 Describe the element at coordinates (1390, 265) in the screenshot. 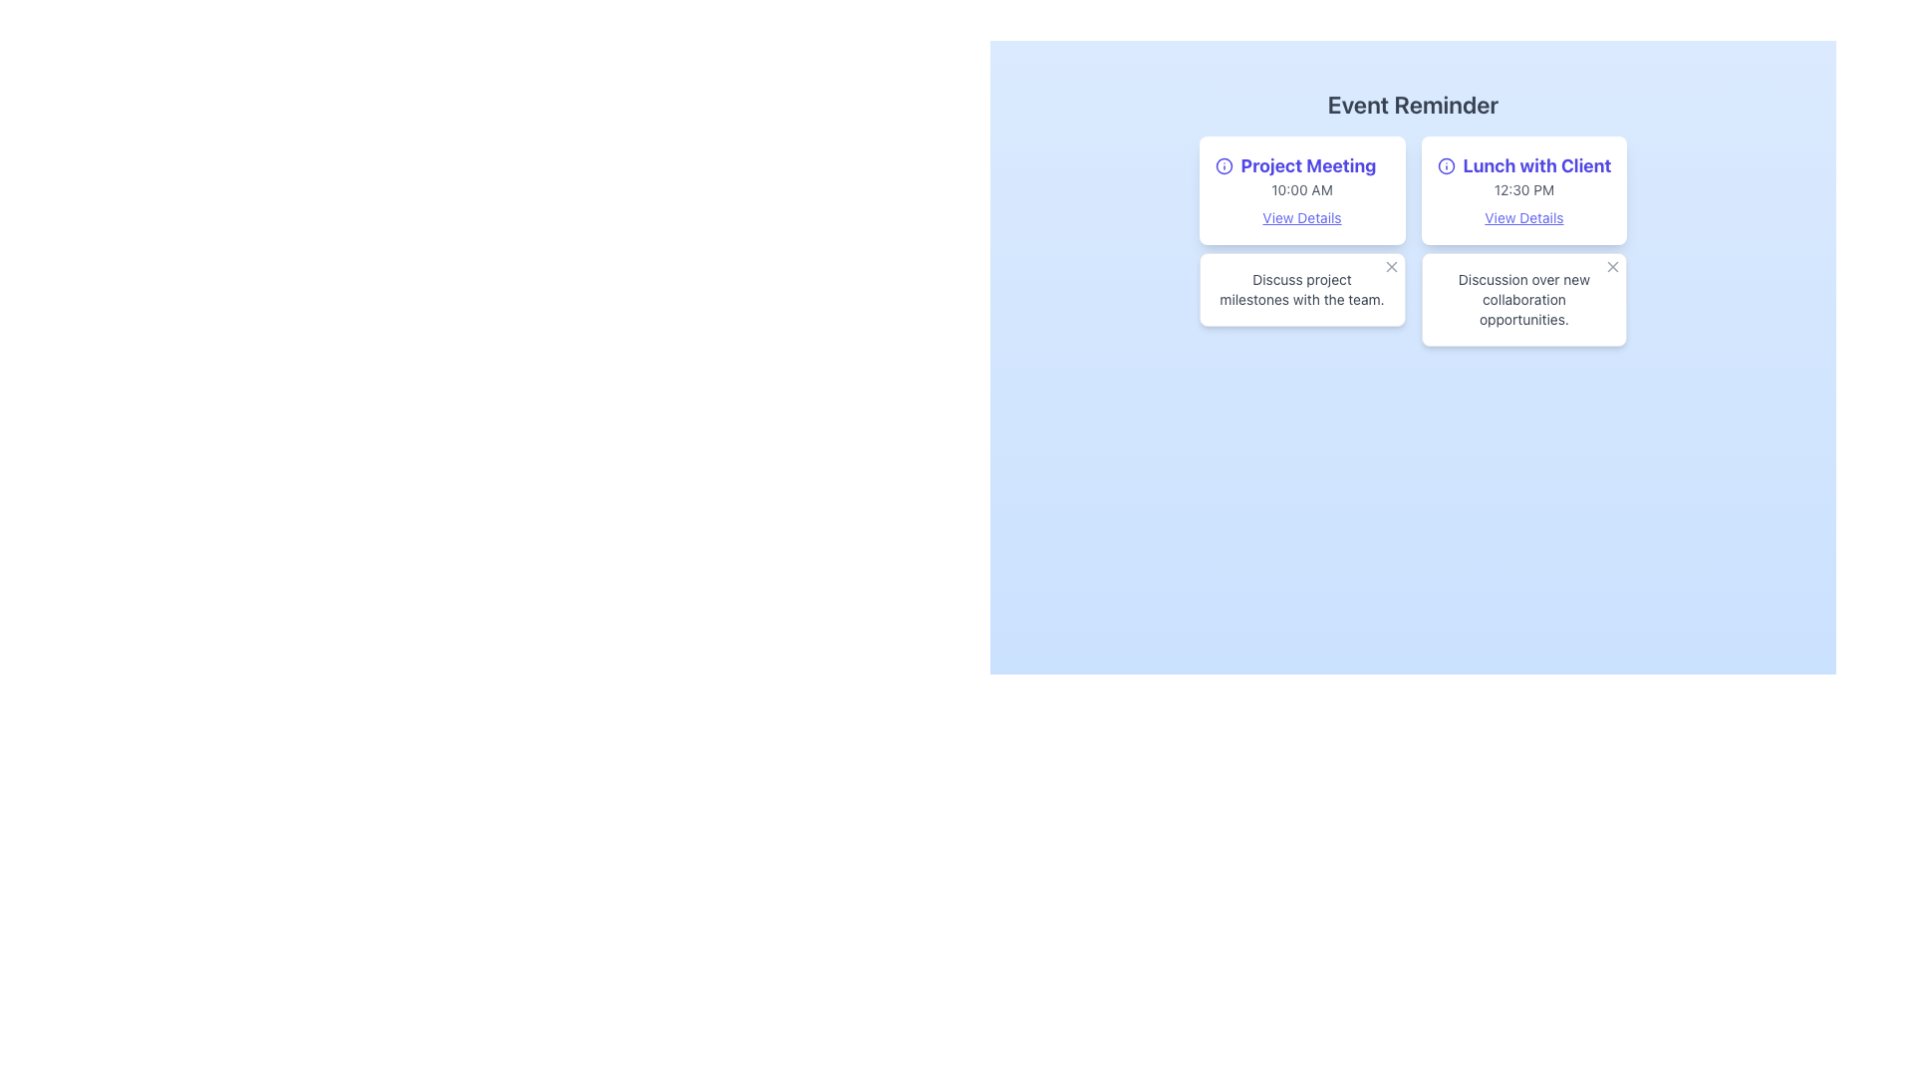

I see `the Close button icon located at the top-right corner of the second rectangular content box under 'Event Reminder'` at that location.